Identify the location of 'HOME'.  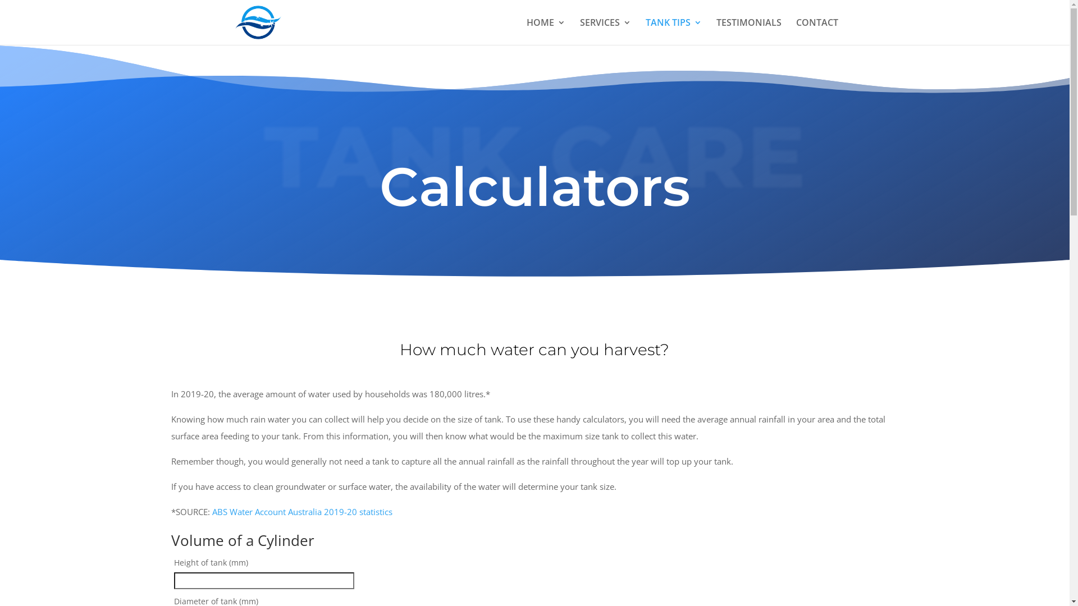
(546, 31).